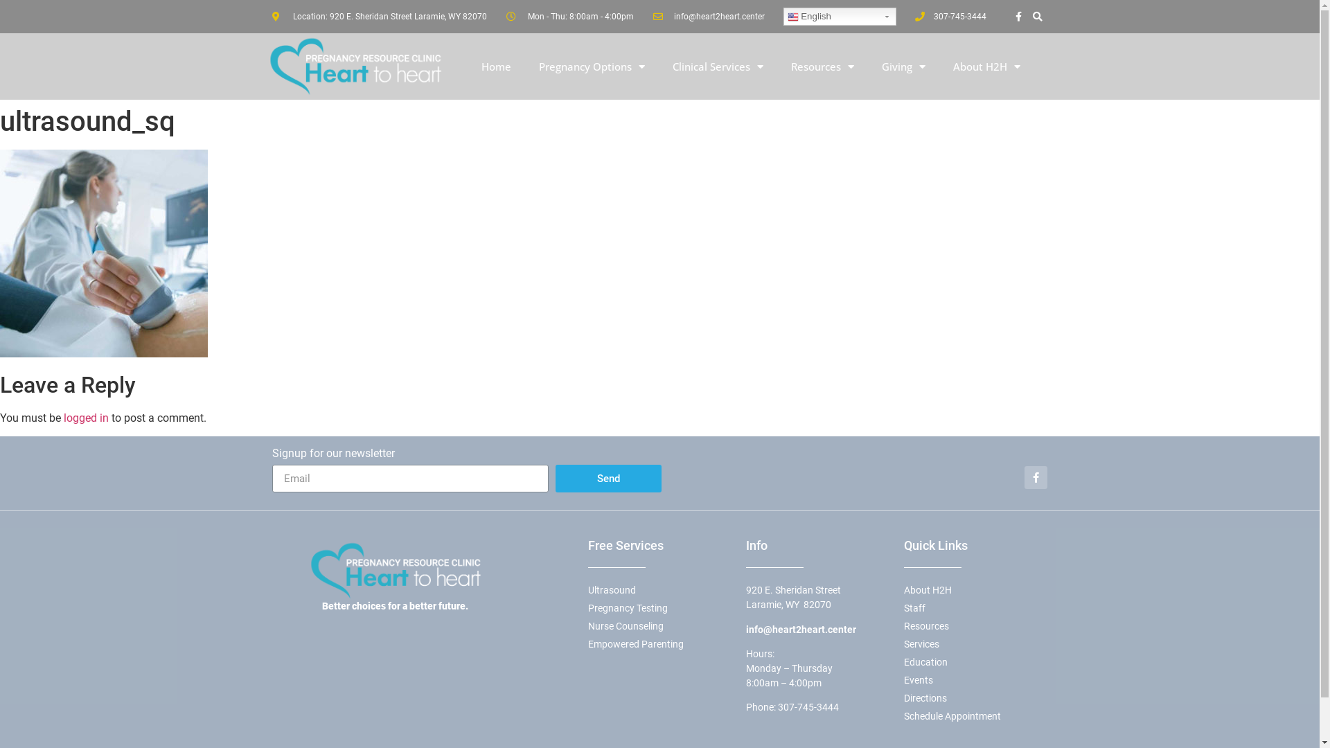  I want to click on 'Pregnancy Testing', so click(658, 607).